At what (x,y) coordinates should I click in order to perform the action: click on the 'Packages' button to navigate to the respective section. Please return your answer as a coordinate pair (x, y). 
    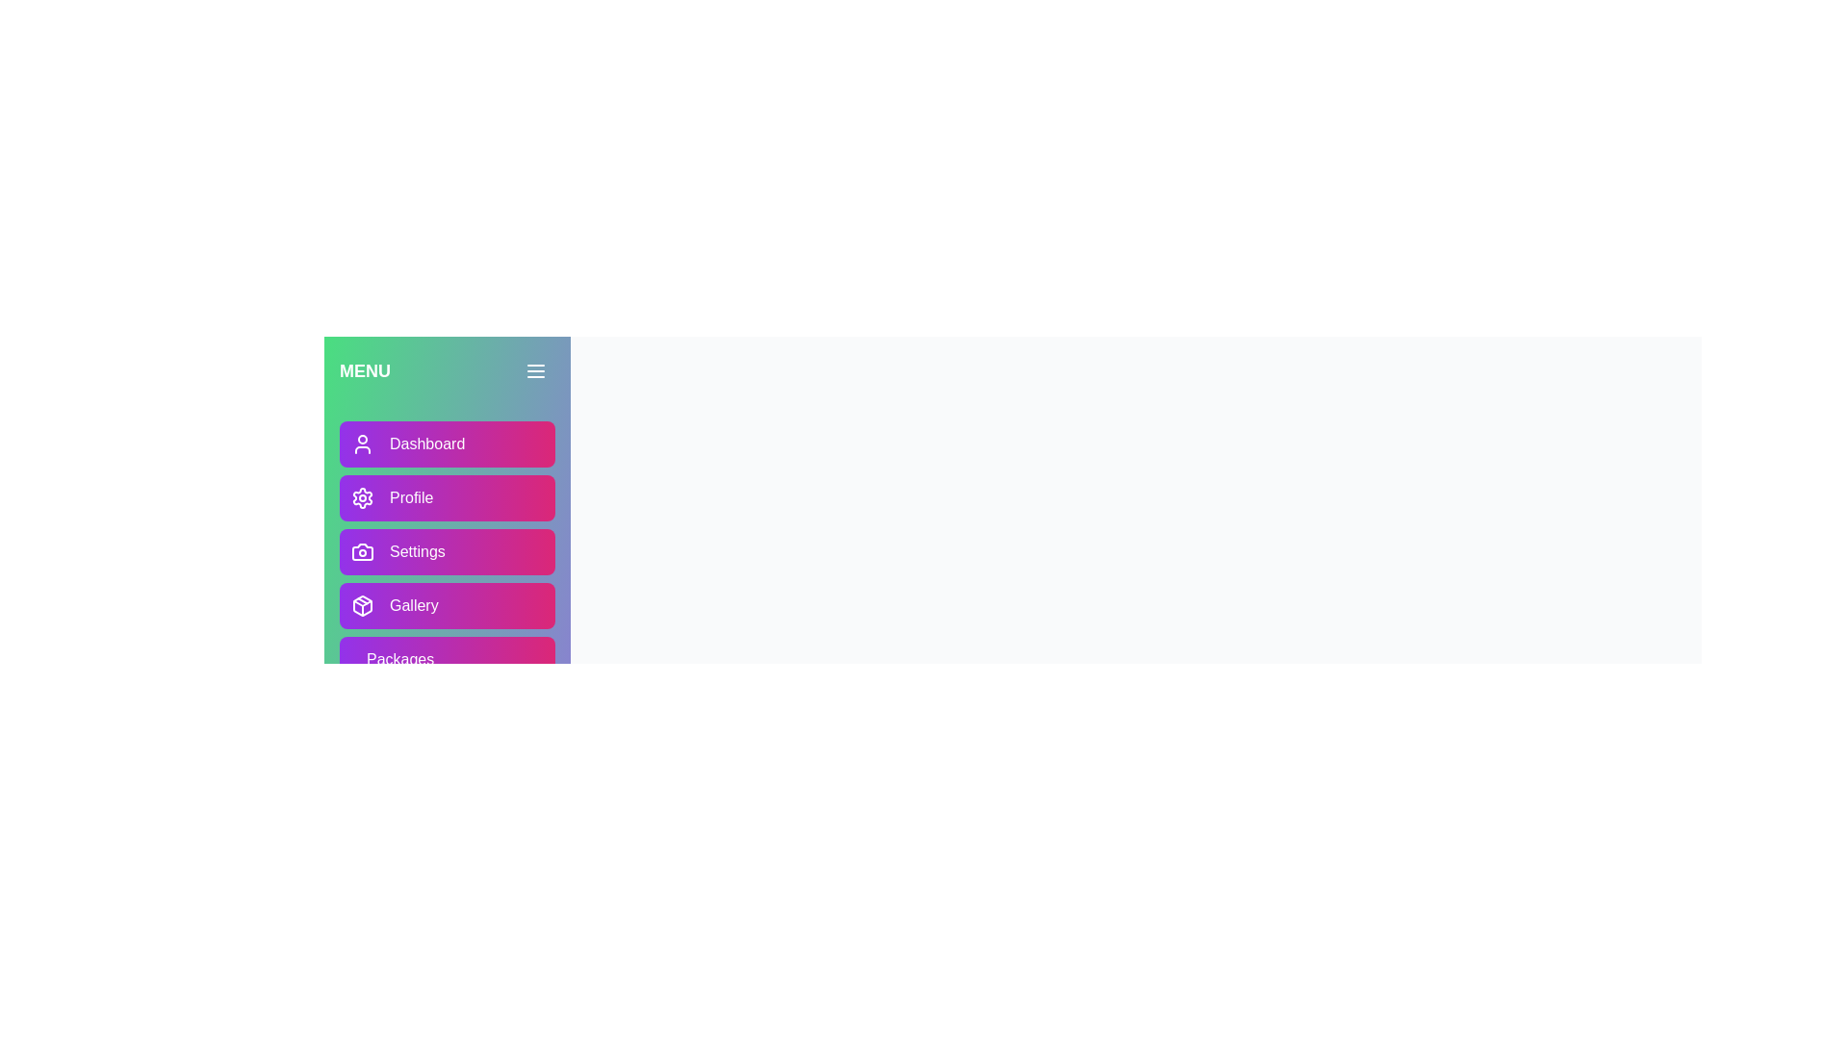
    Looking at the image, I should click on (447, 659).